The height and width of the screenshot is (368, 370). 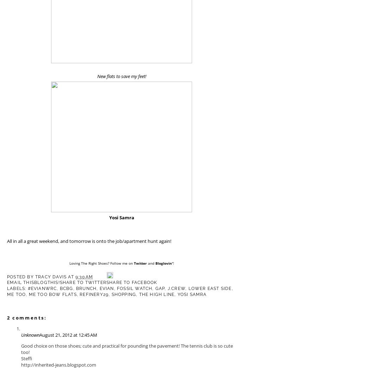 I want to click on 'evian', so click(x=99, y=288).